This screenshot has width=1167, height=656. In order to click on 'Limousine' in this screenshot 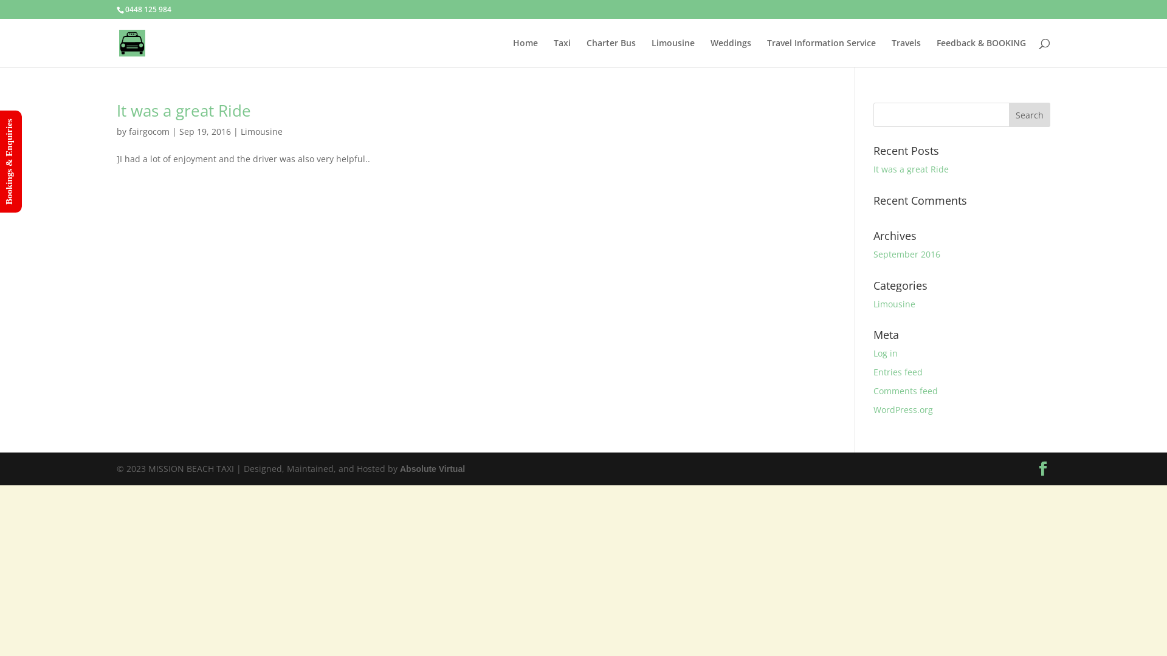, I will do `click(894, 303)`.